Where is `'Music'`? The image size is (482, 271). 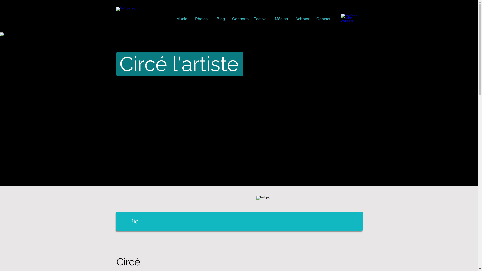
'Music' is located at coordinates (181, 18).